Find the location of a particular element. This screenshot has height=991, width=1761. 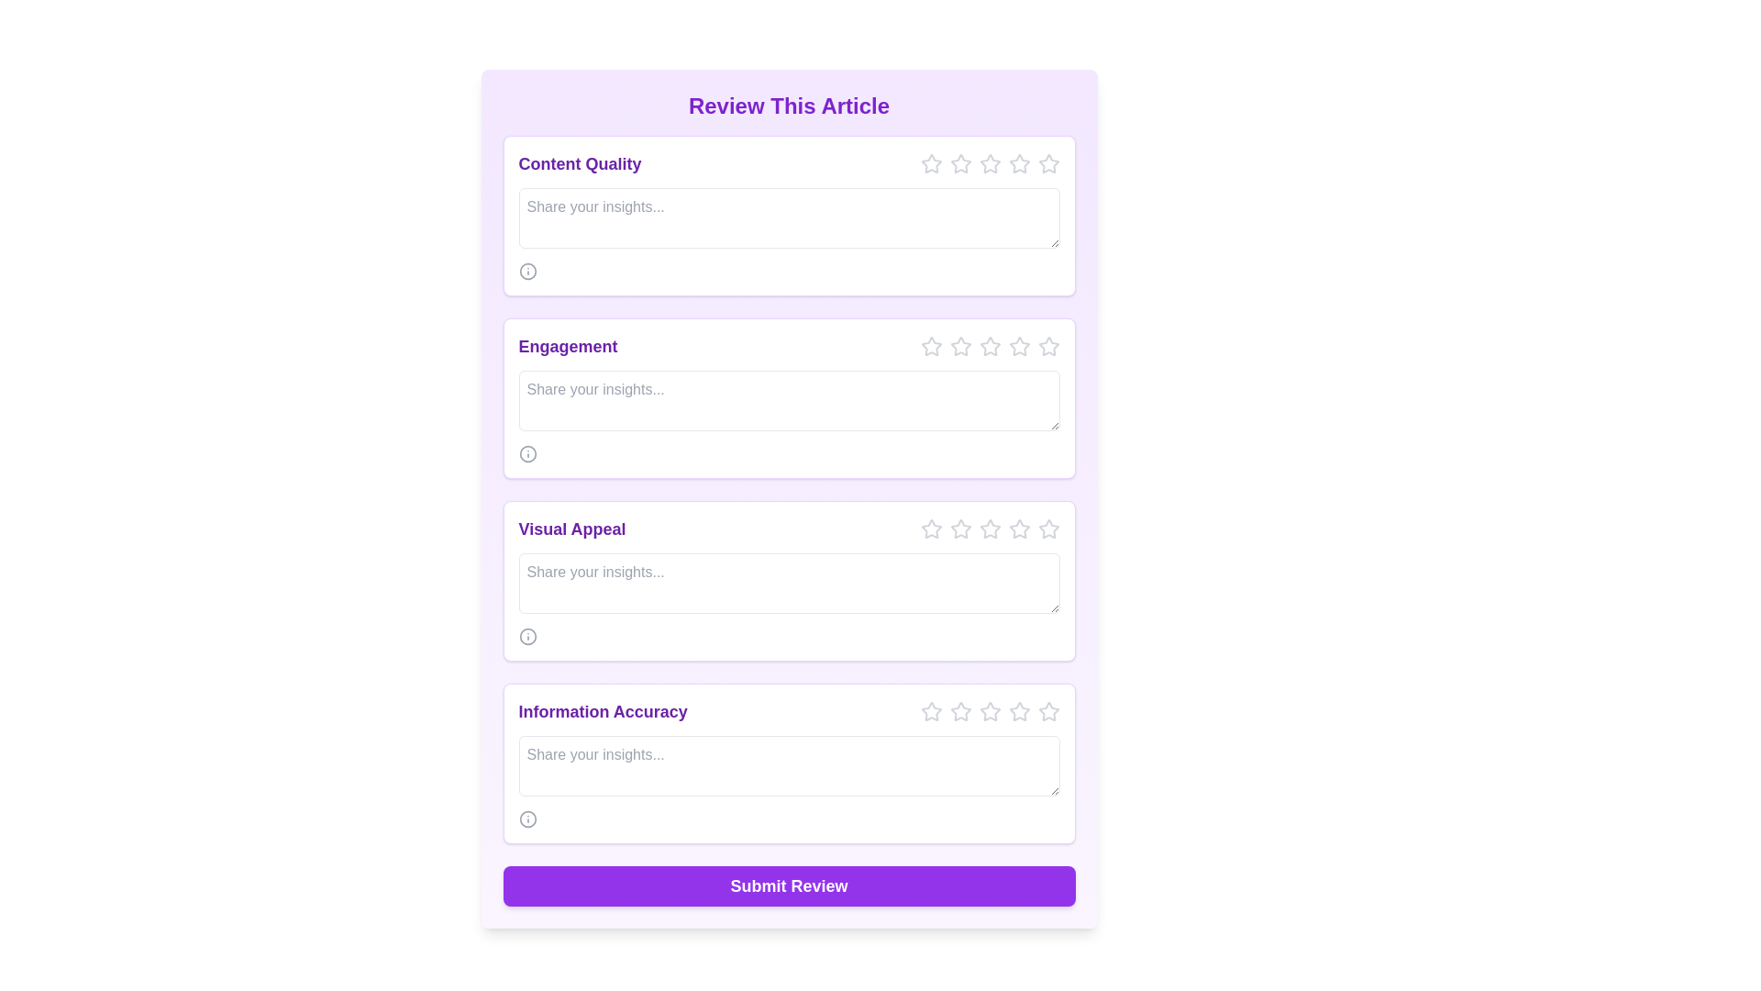

the information tooltip icon located at the bottom-right corner of the 'Information Accuracy' section to reveal the tooltip is located at coordinates (526, 818).